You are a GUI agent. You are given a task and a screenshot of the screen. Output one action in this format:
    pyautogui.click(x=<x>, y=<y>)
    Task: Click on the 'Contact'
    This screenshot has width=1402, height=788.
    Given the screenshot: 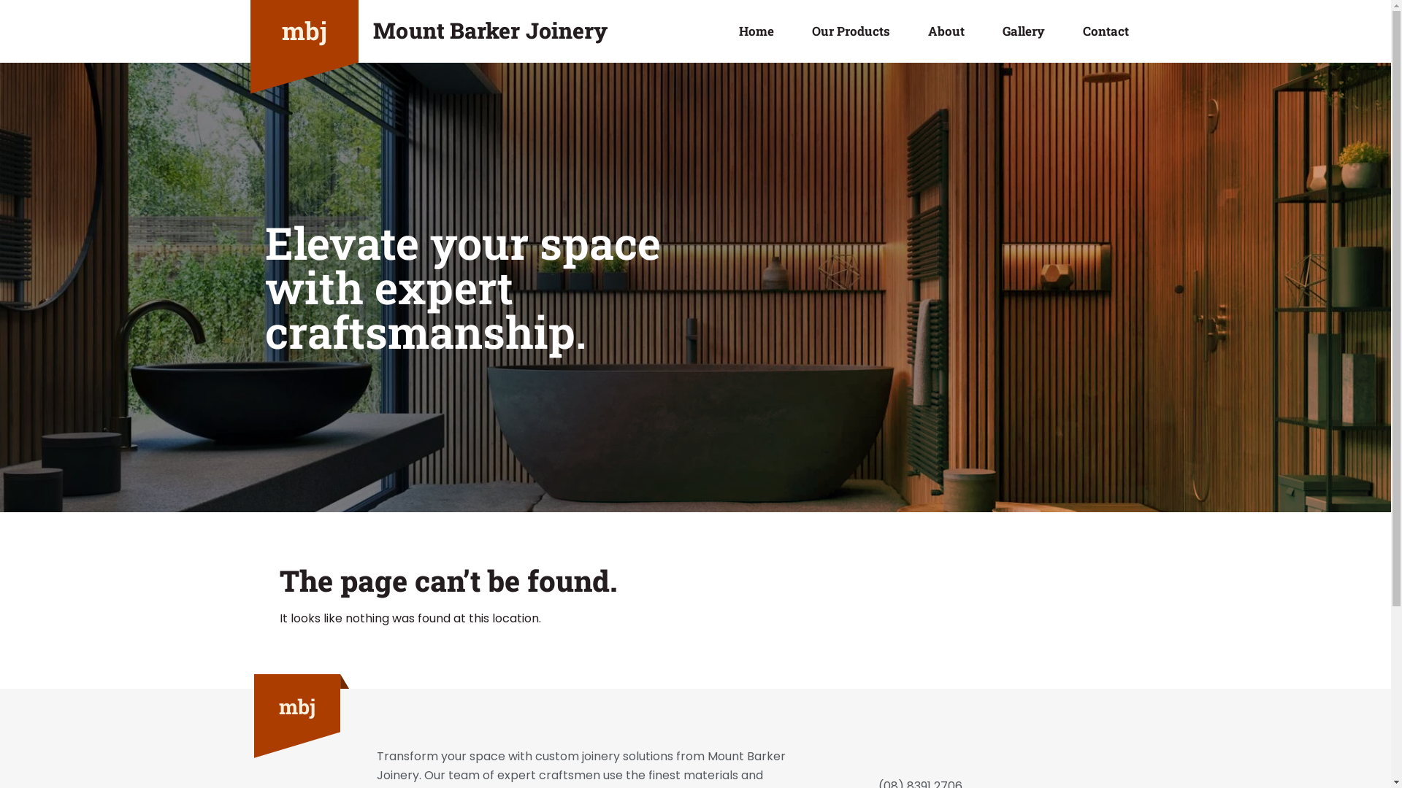 What is the action you would take?
    pyautogui.click(x=1106, y=31)
    